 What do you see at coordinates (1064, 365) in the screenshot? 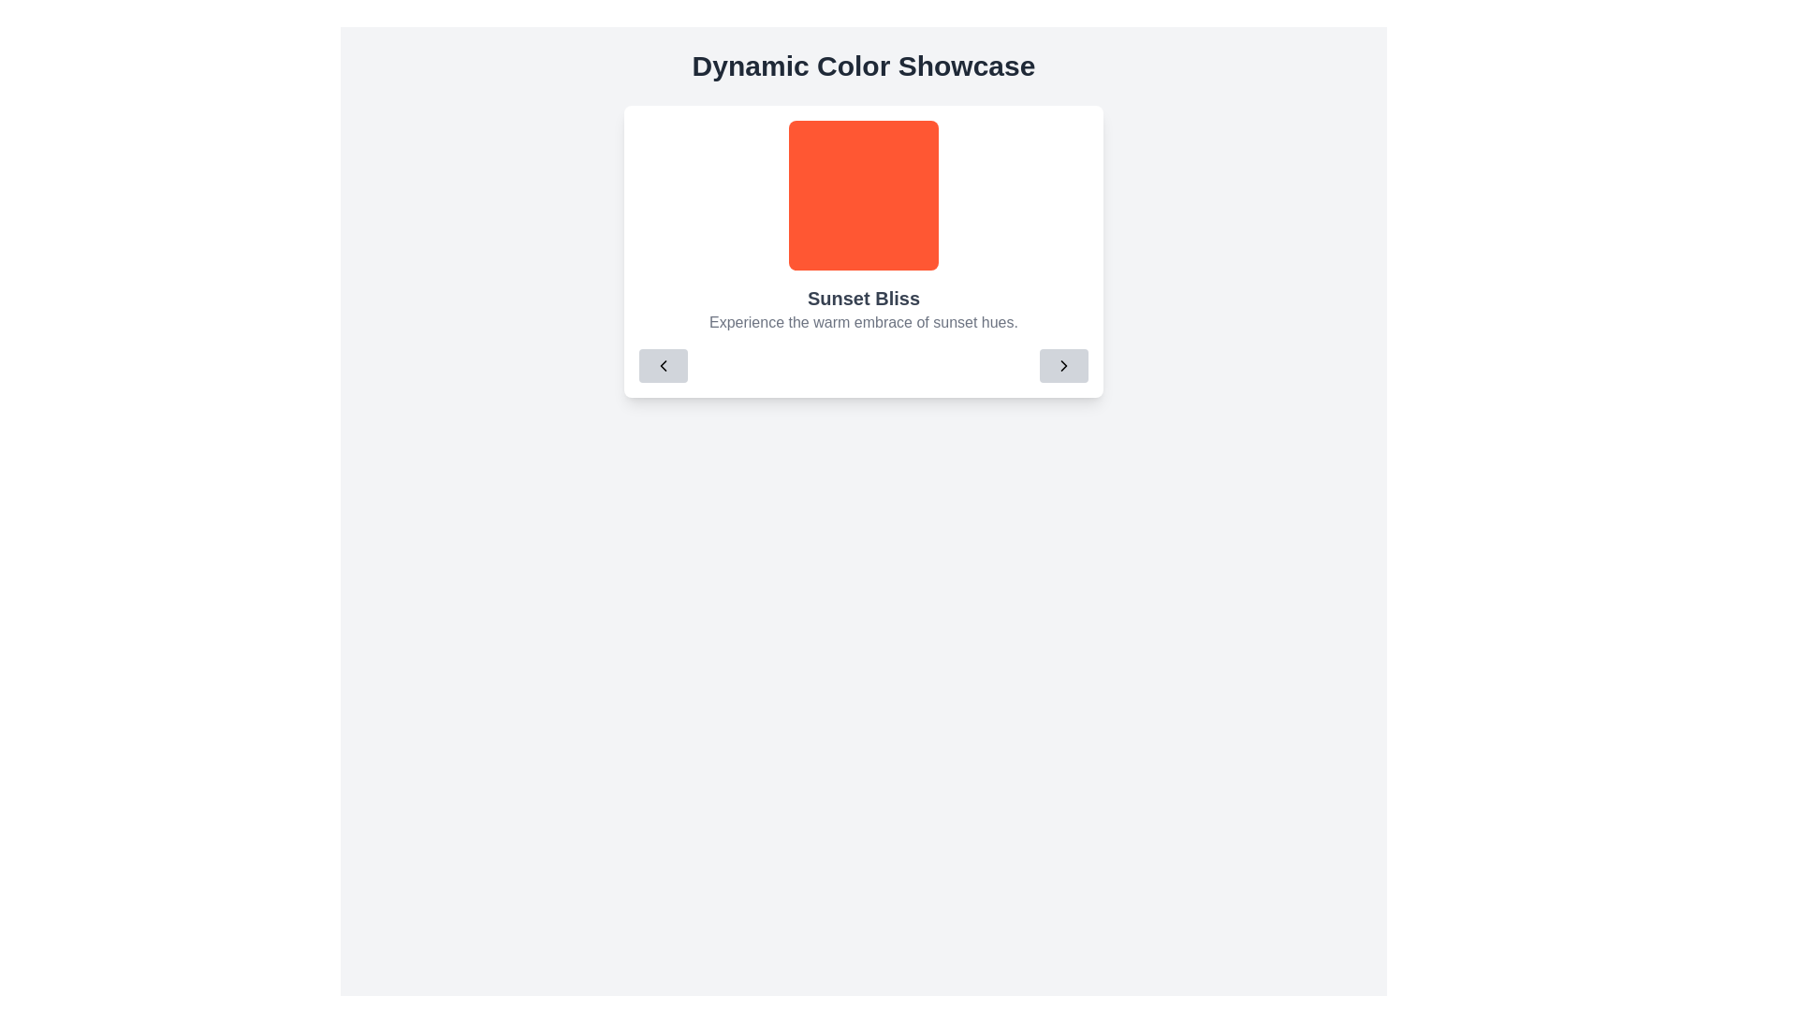
I see `the forward navigation icon located in the lower-right corner of the 'Sunset Bliss' panel` at bounding box center [1064, 365].